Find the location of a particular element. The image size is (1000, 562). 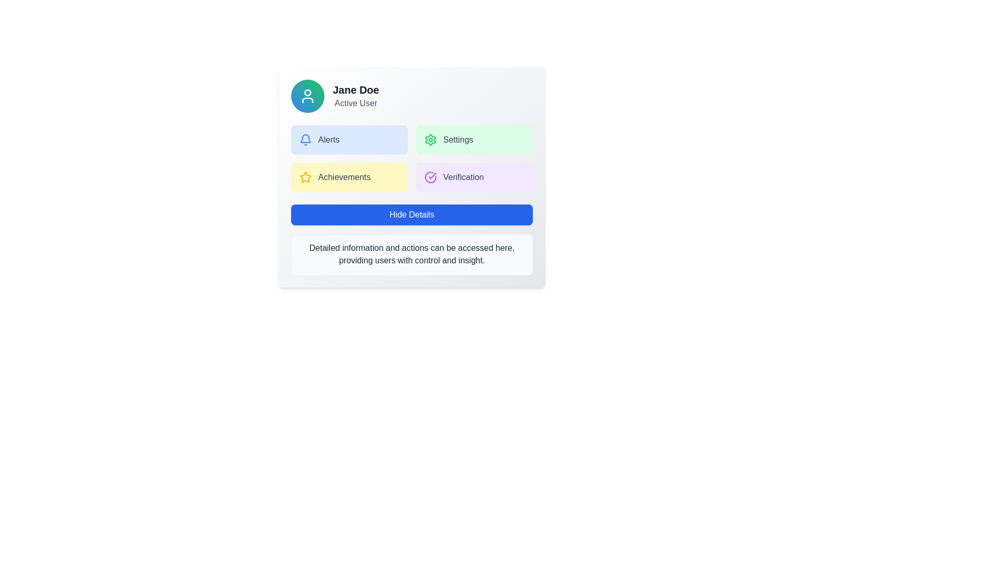

the bell icon representing the notification feature is located at coordinates (305, 138).